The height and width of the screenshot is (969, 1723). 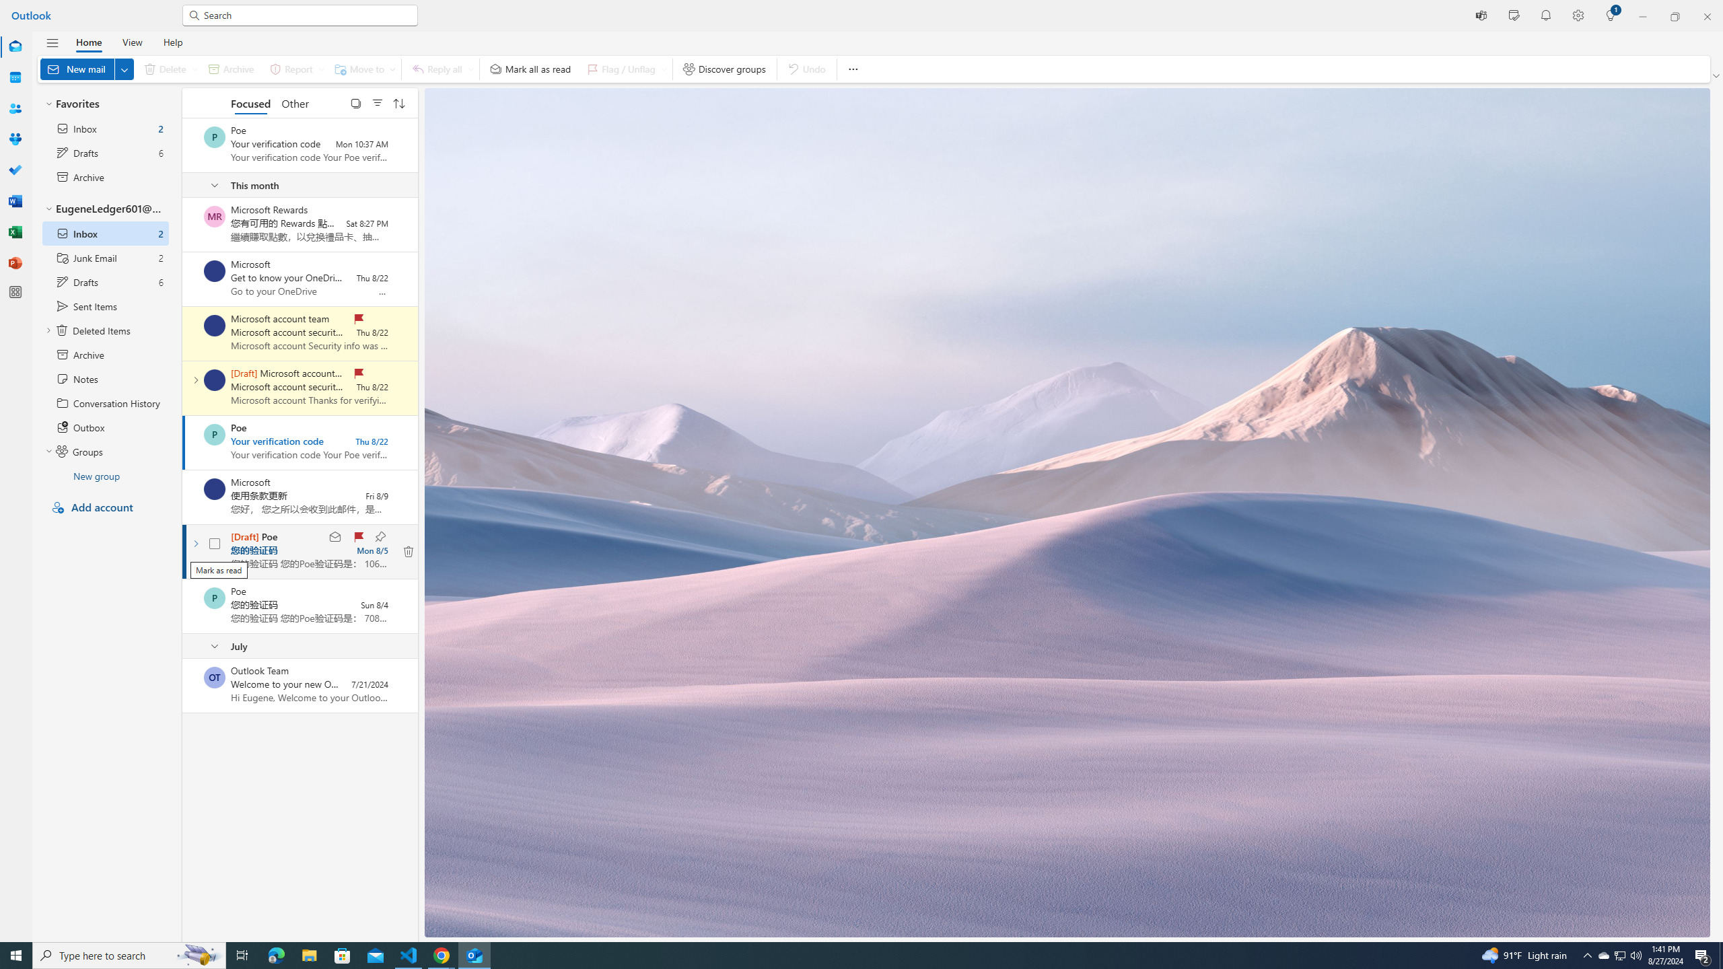 I want to click on 'Filter', so click(x=376, y=102).